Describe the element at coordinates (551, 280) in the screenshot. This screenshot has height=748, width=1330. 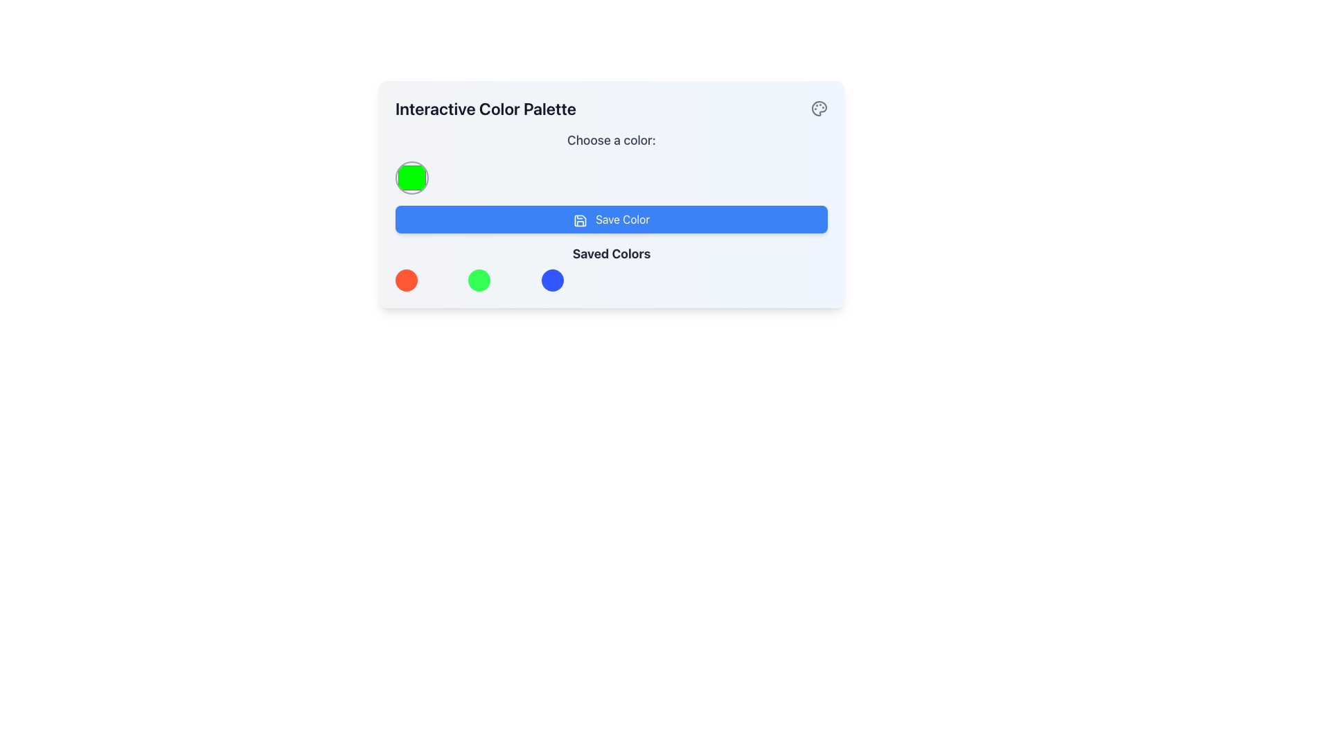
I see `the third circular color option in the 'Saved Colors' section of the Interactive Color Palette` at that location.